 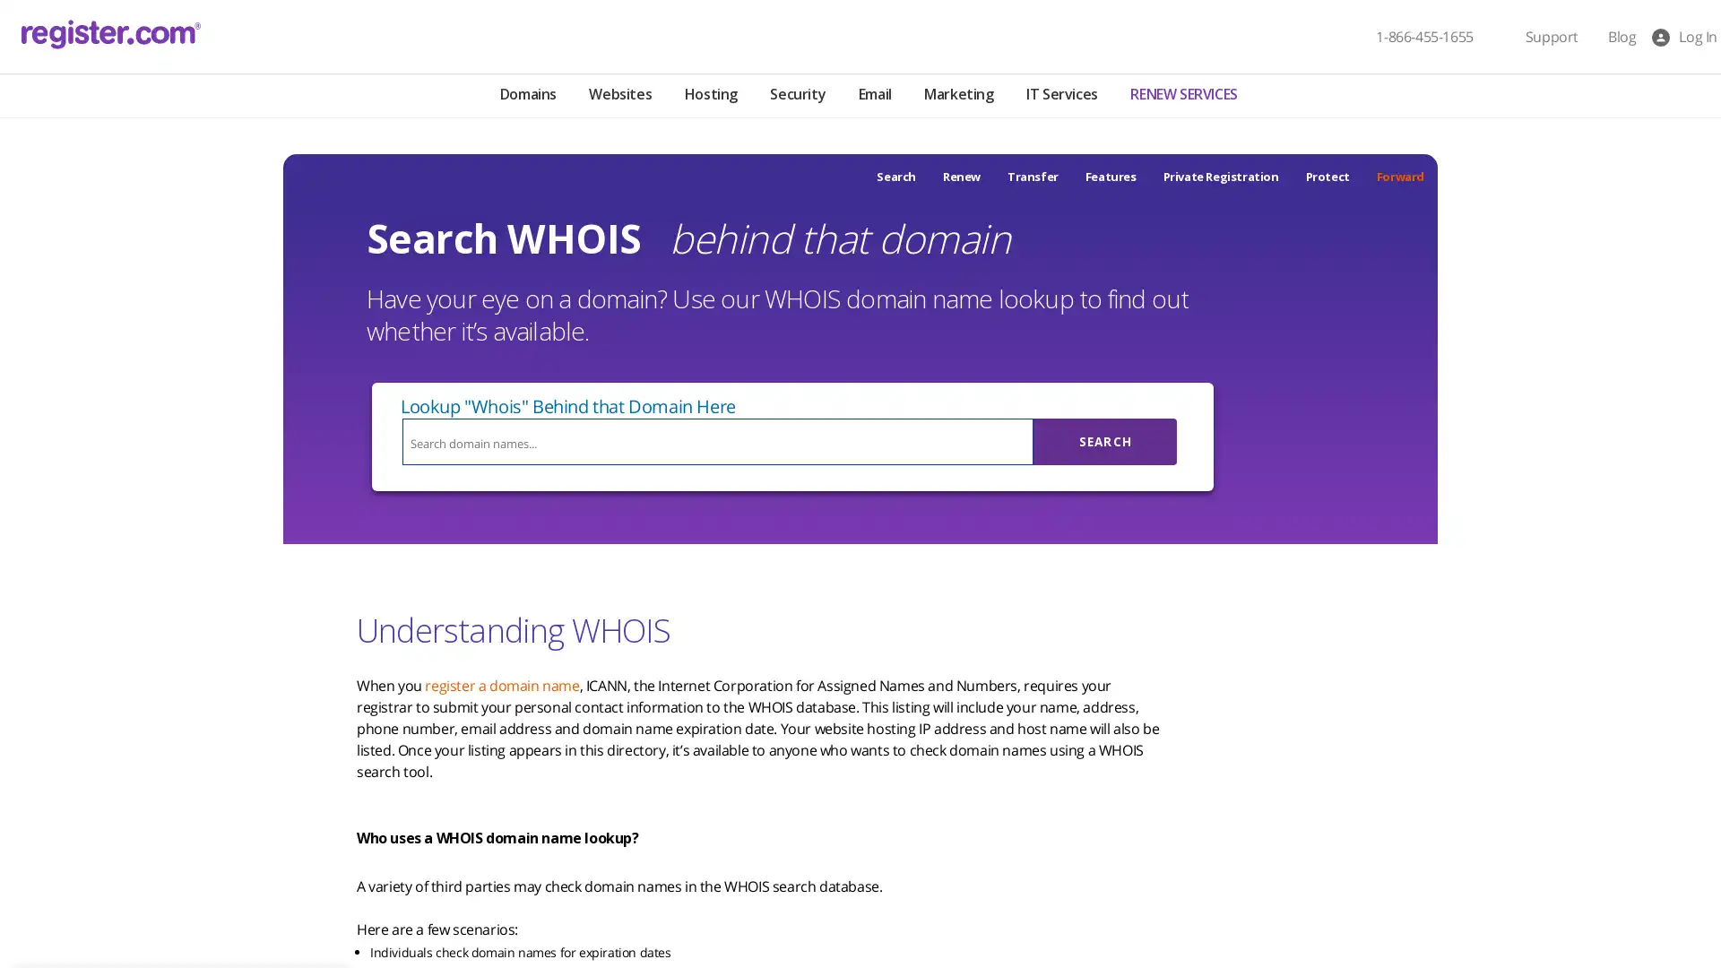 What do you see at coordinates (1104, 442) in the screenshot?
I see `Search` at bounding box center [1104, 442].